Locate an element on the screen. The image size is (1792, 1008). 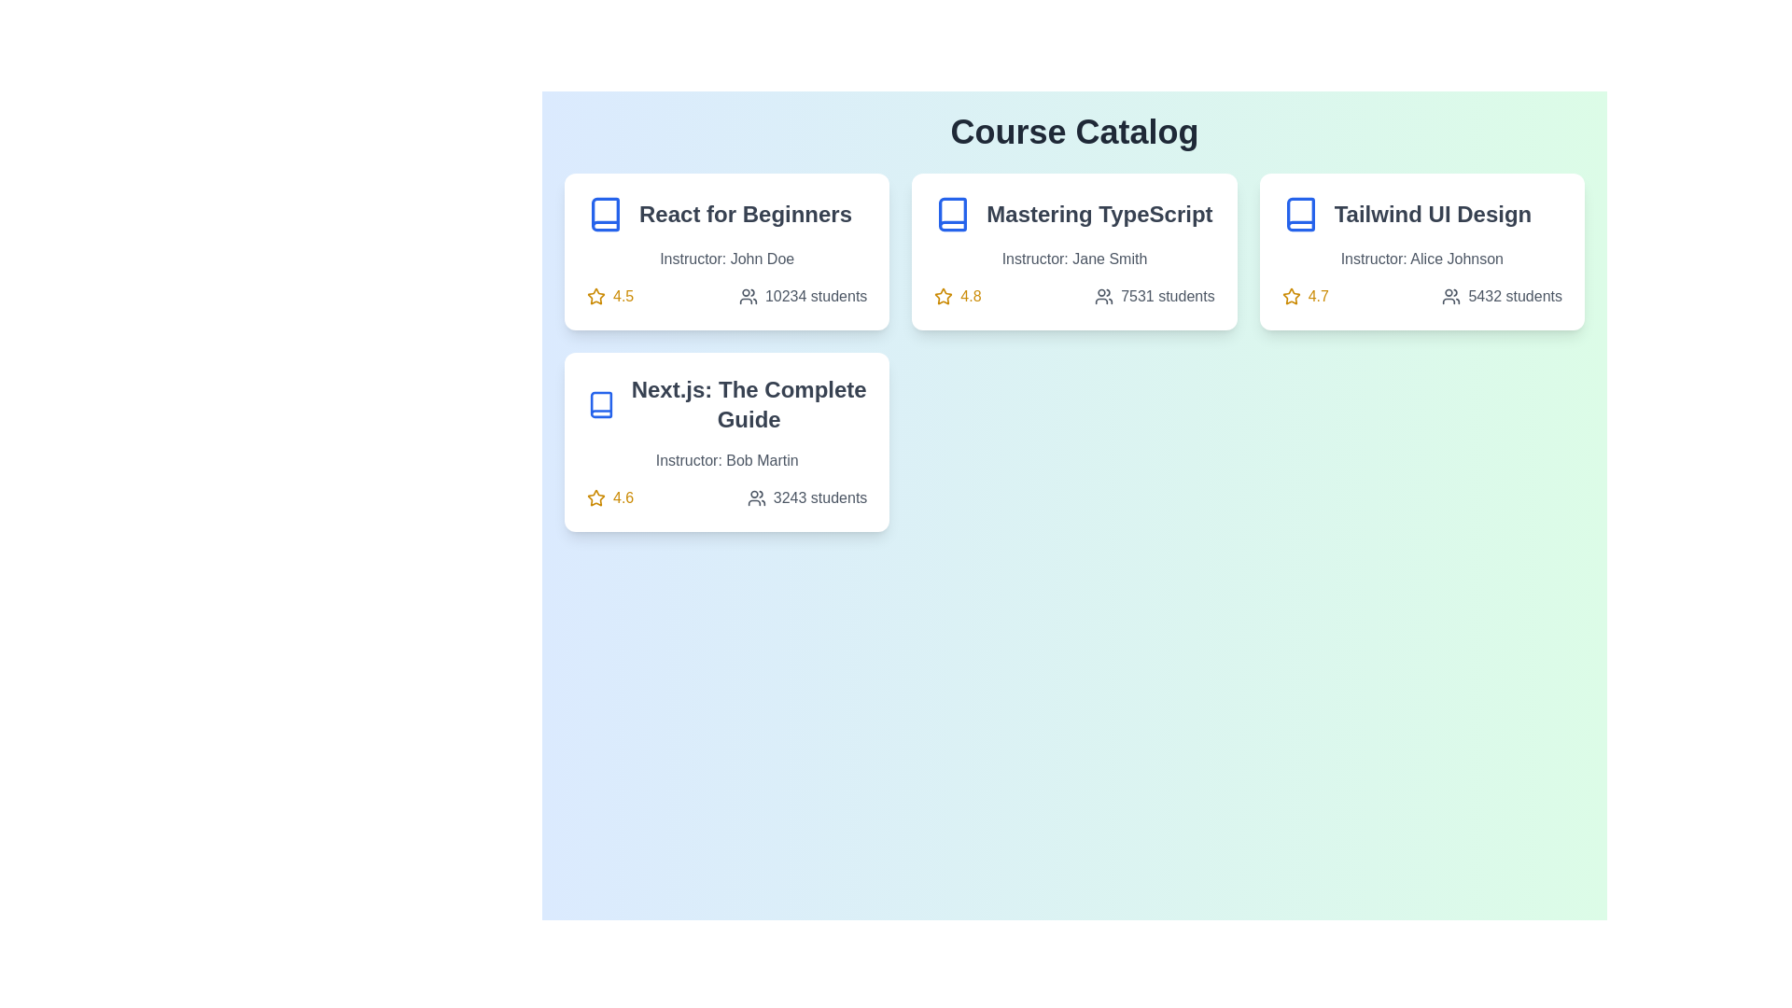
the text label displaying 'Mastering TypeScript', which is styled in bold, large dark gray font and serves as the main heading within the course panel is located at coordinates (1074, 214).